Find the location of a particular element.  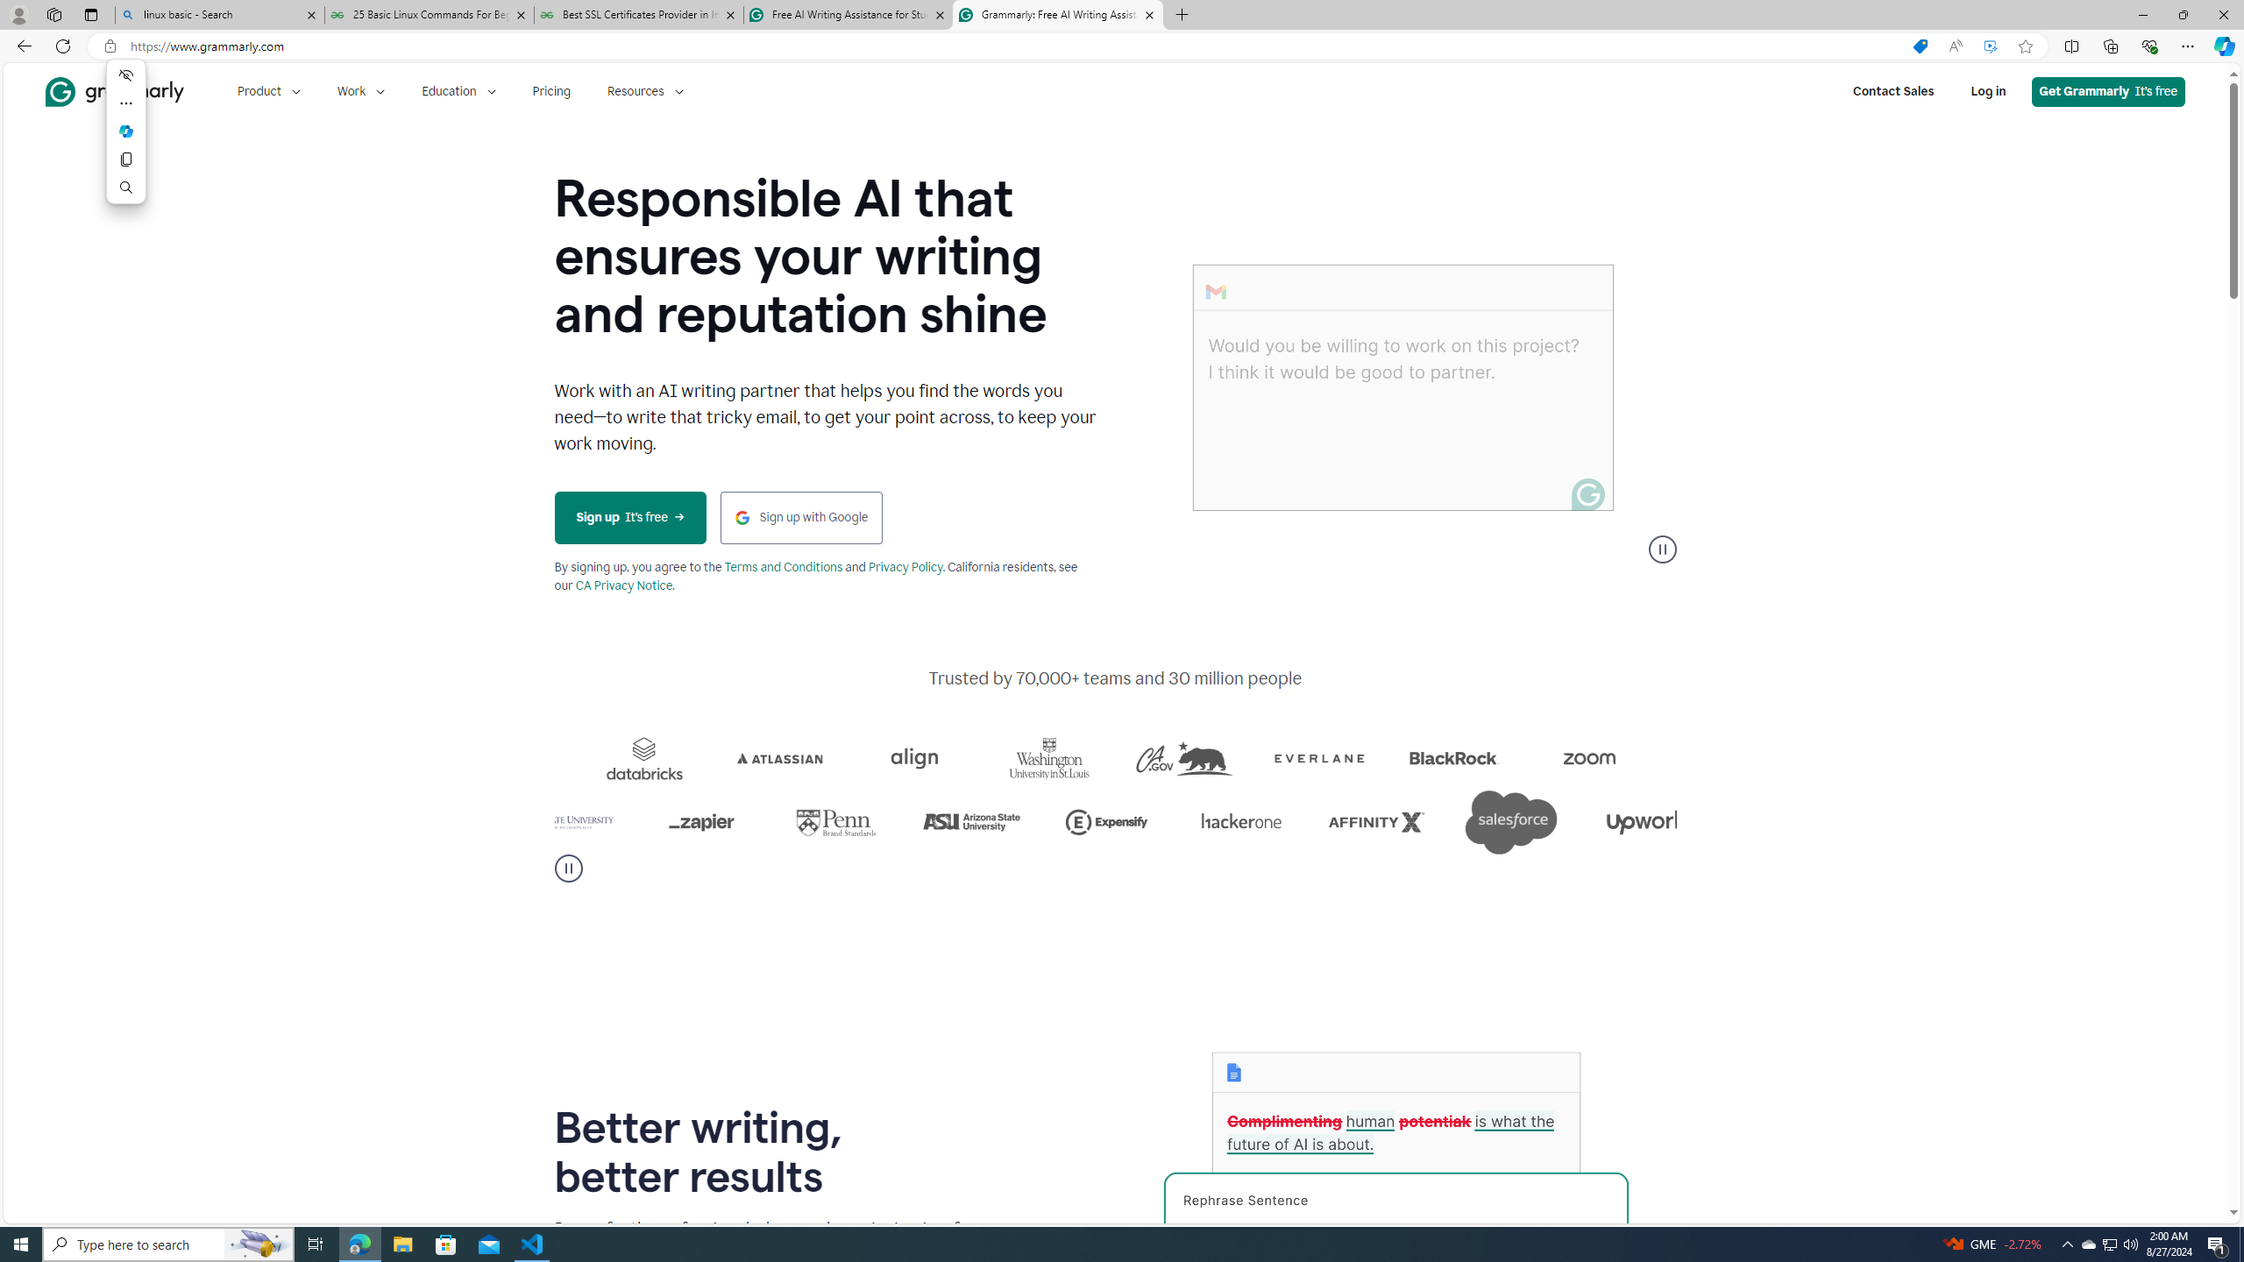

'Mini menu on text selection' is located at coordinates (125, 131).